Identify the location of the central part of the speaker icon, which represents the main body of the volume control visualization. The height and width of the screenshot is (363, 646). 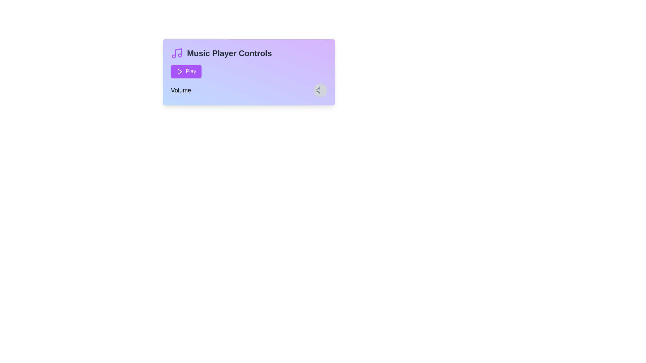
(318, 90).